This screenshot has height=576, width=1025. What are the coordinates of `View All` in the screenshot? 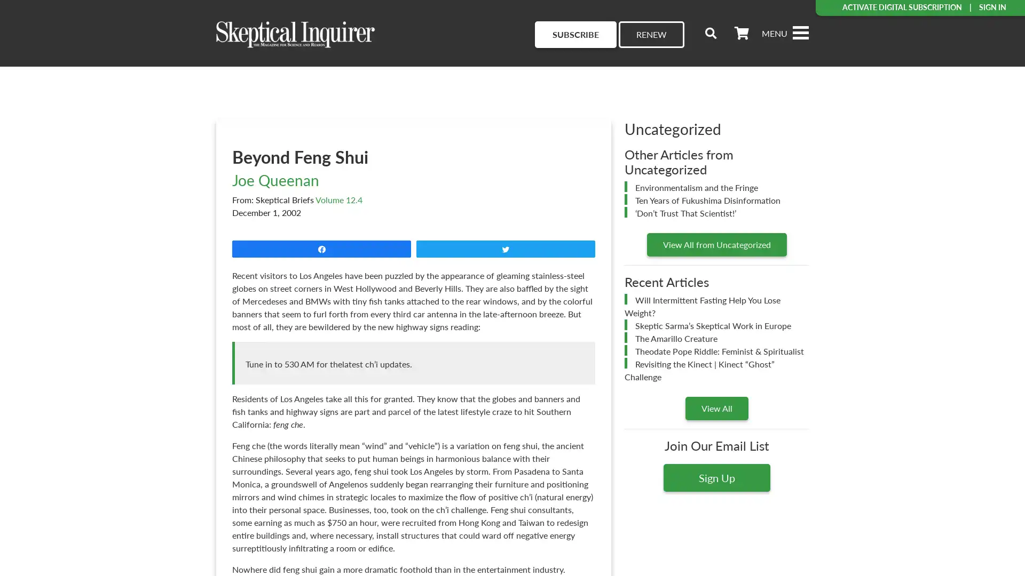 It's located at (716, 407).